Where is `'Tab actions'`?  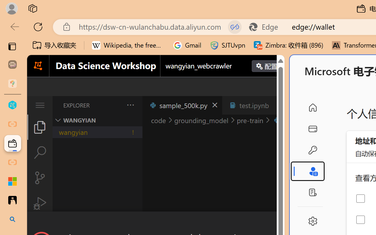
'Tab actions' is located at coordinates (277, 105).